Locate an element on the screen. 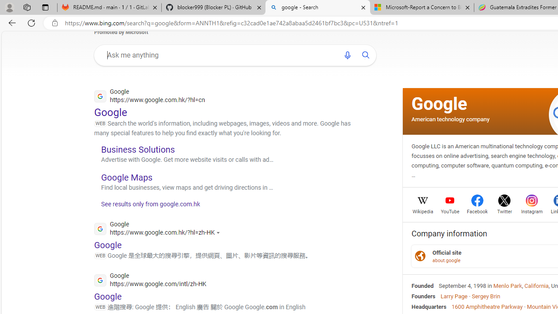 The image size is (558, 314). 'Refresh' is located at coordinates (31, 22).